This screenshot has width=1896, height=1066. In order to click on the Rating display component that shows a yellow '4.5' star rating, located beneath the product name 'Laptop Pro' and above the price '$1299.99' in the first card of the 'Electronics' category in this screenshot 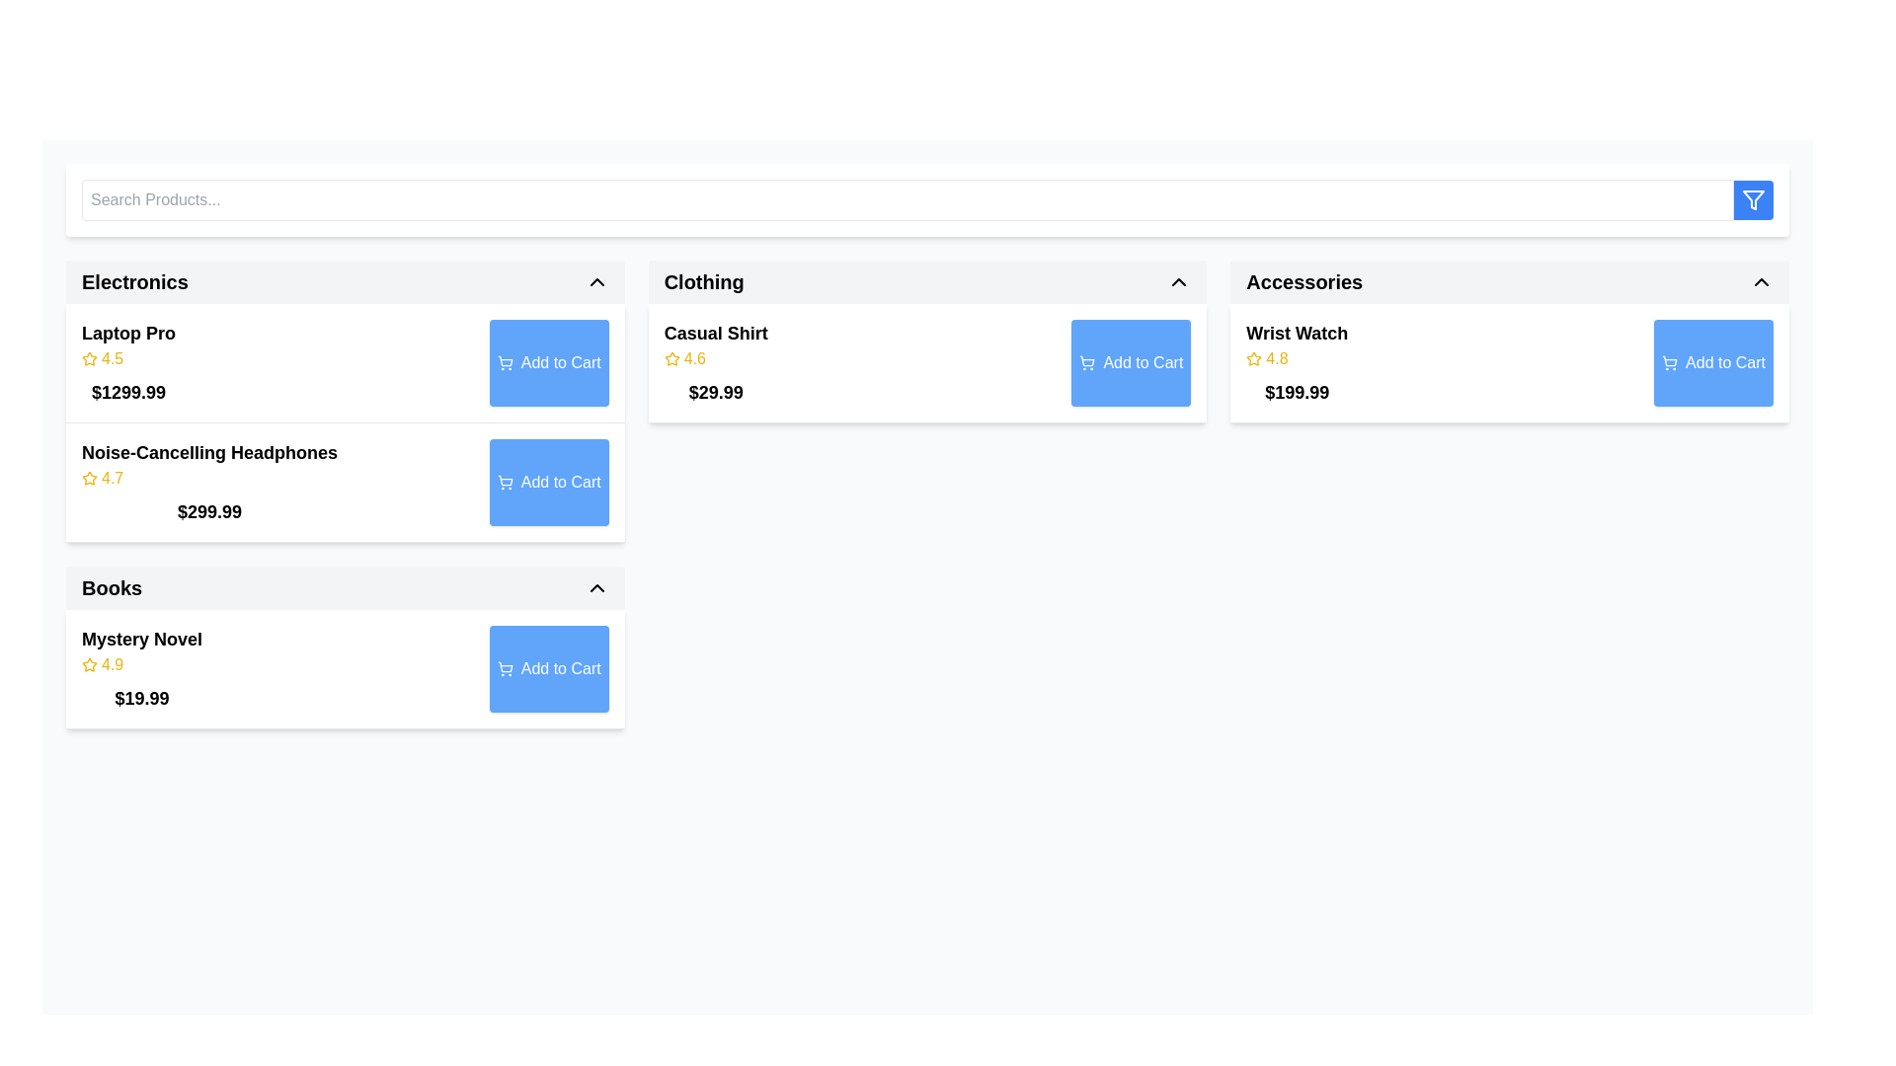, I will do `click(127, 358)`.